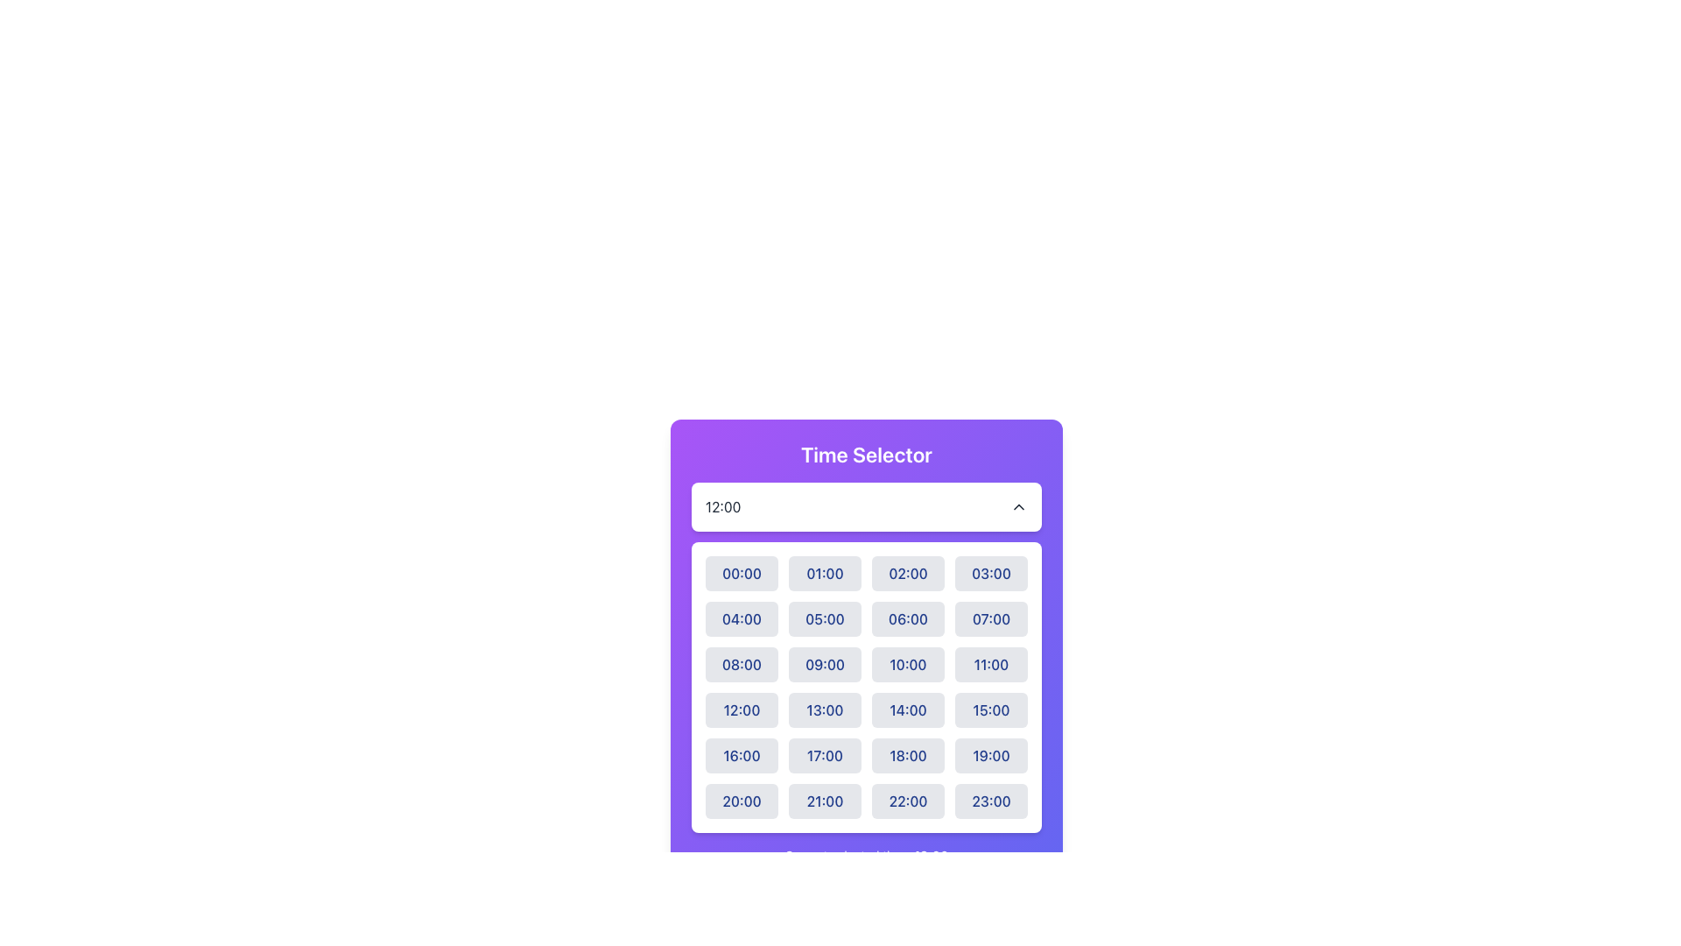 Image resolution: width=1681 pixels, height=946 pixels. What do you see at coordinates (991, 618) in the screenshot?
I see `the button displaying '07:00' with a light gray background` at bounding box center [991, 618].